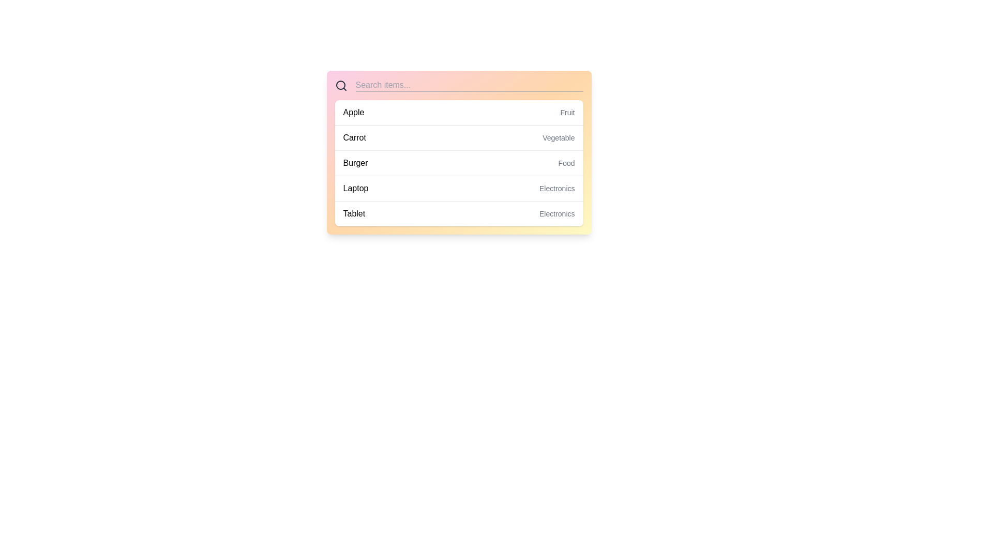  What do you see at coordinates (458, 188) in the screenshot?
I see `the fourth selectable item in the list, which is positioned between 'BurgerFood' above and 'TabletElectronics' below` at bounding box center [458, 188].